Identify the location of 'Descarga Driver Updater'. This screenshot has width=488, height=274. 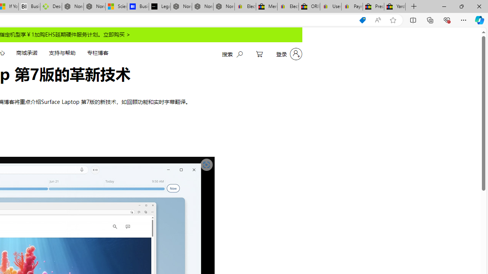
(51, 6).